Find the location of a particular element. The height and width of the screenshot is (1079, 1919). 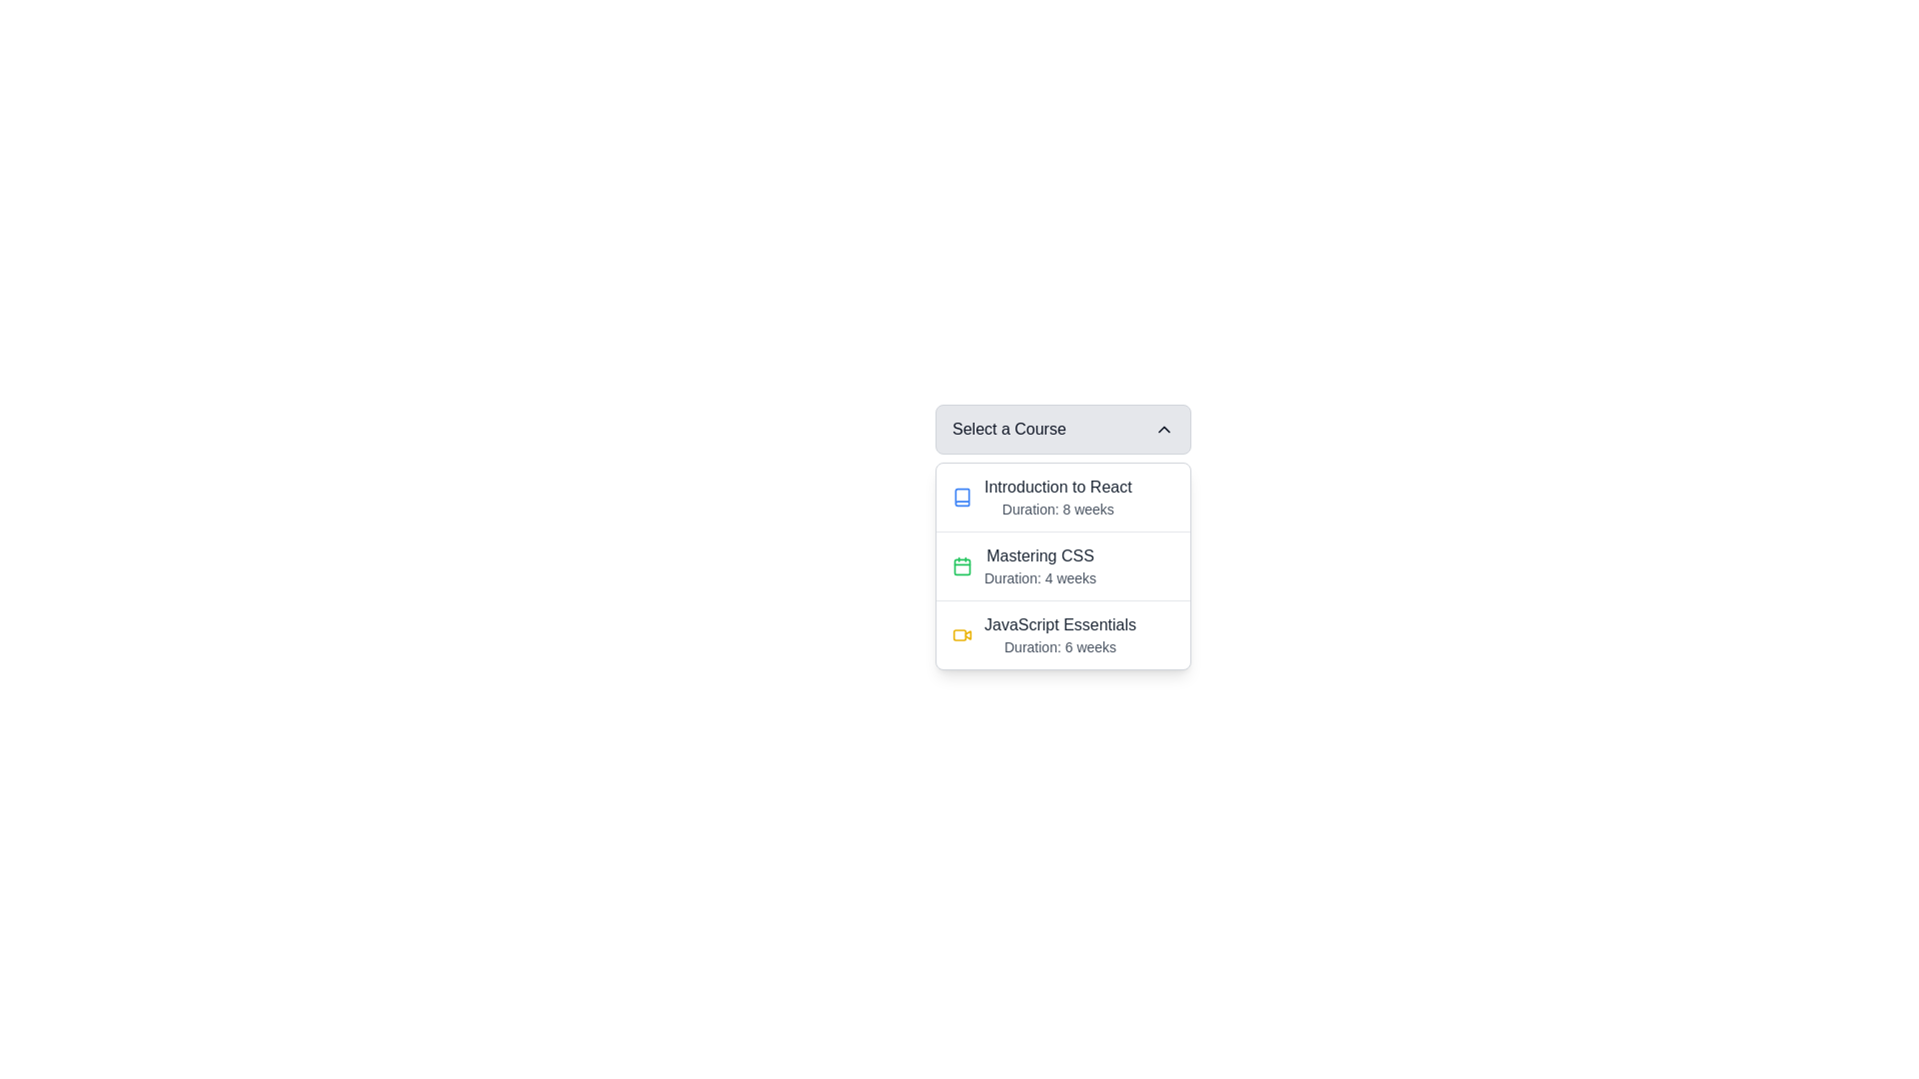

the first course listing text element positioned directly beneath the 'Select a Course' dropdown is located at coordinates (1056, 496).